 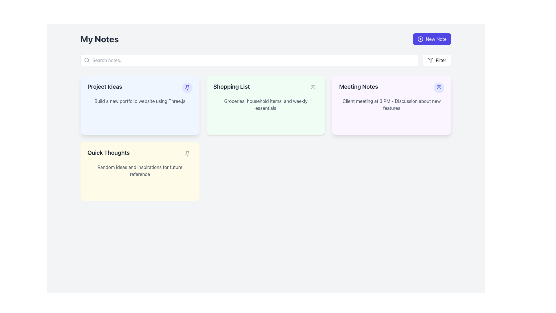 What do you see at coordinates (430, 60) in the screenshot?
I see `the filter icon located at the far right side of the toolbar area, inside a button with rounded corners, to invoke the filter function` at bounding box center [430, 60].